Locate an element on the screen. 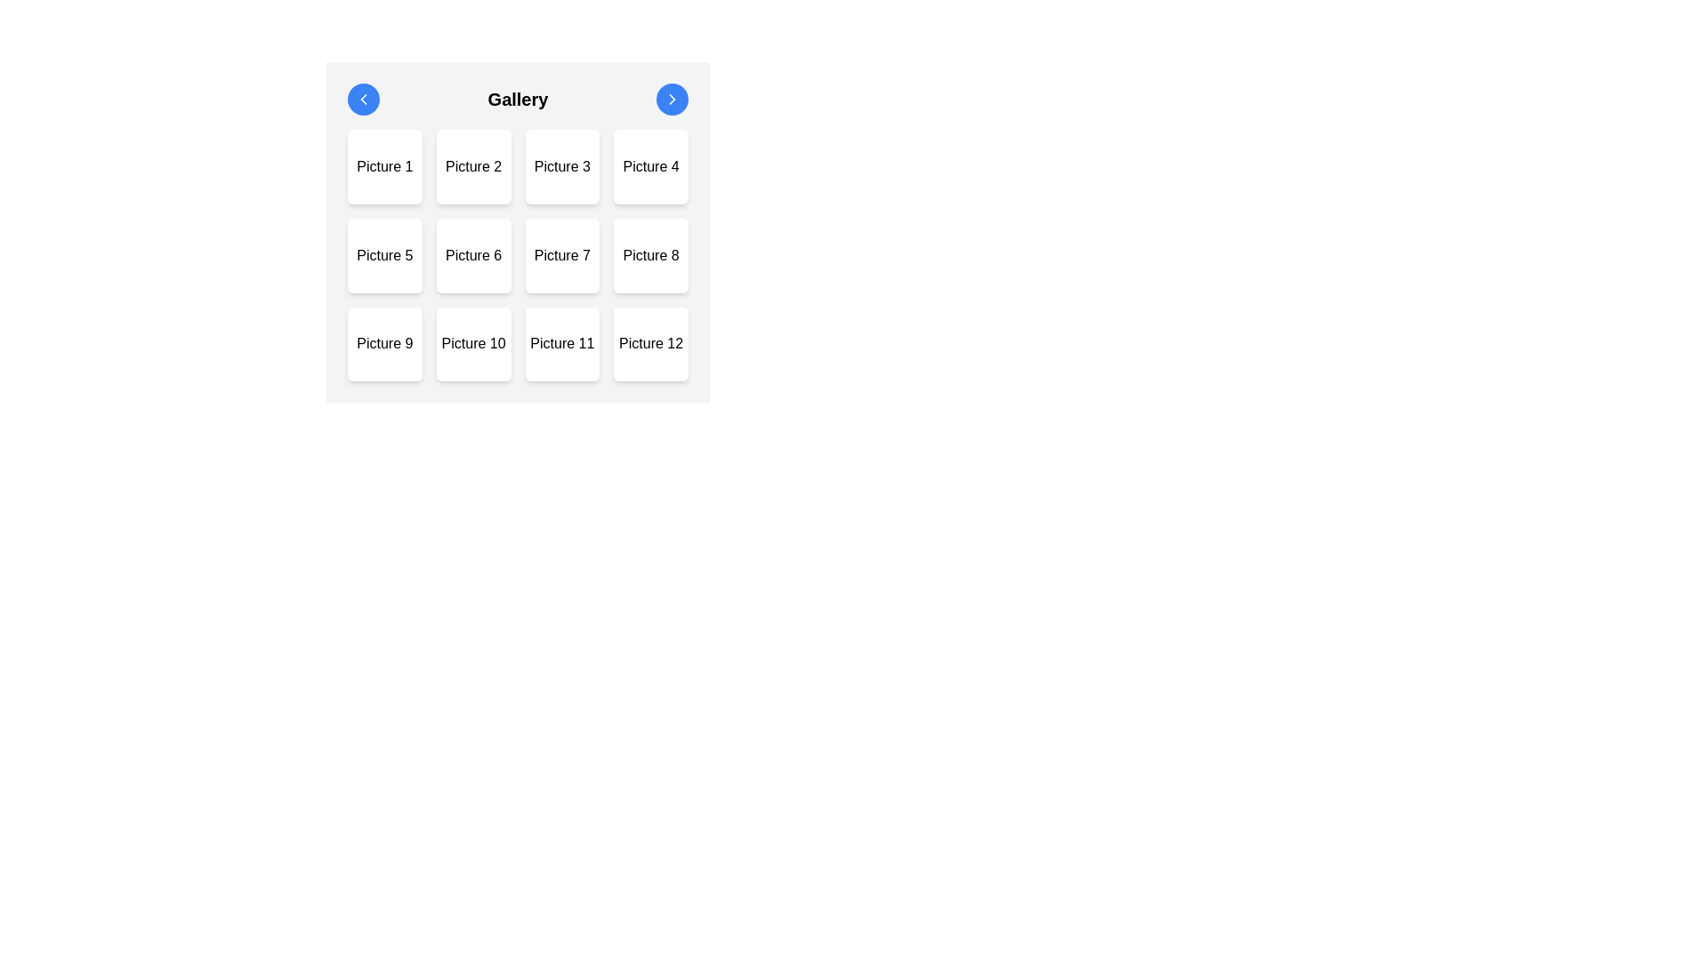 This screenshot has width=1708, height=960. the 'Picture 1' button, which is a square-shaped button with a white background and rounded corners, located in the top-left position of the grid under the 'Gallery' title is located at coordinates (383, 166).